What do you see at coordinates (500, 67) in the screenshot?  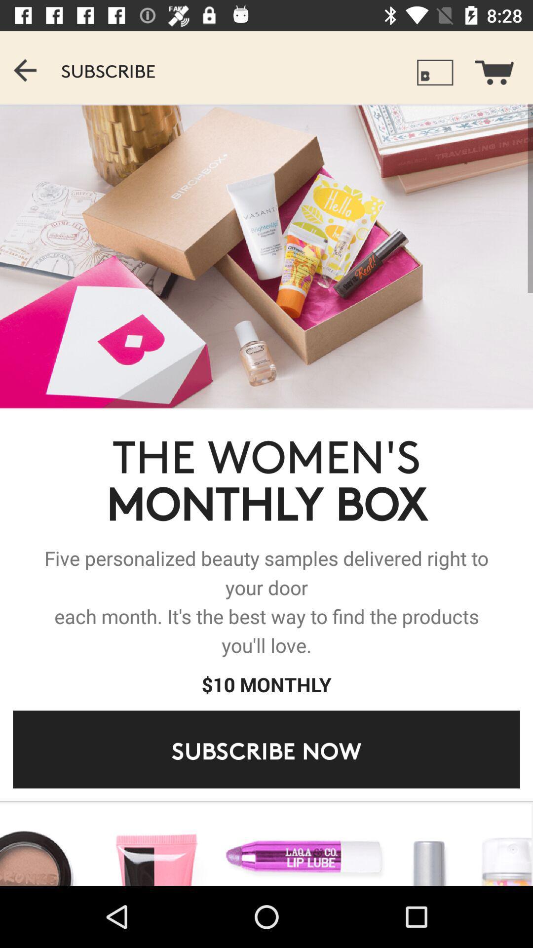 I see `cart icon` at bounding box center [500, 67].